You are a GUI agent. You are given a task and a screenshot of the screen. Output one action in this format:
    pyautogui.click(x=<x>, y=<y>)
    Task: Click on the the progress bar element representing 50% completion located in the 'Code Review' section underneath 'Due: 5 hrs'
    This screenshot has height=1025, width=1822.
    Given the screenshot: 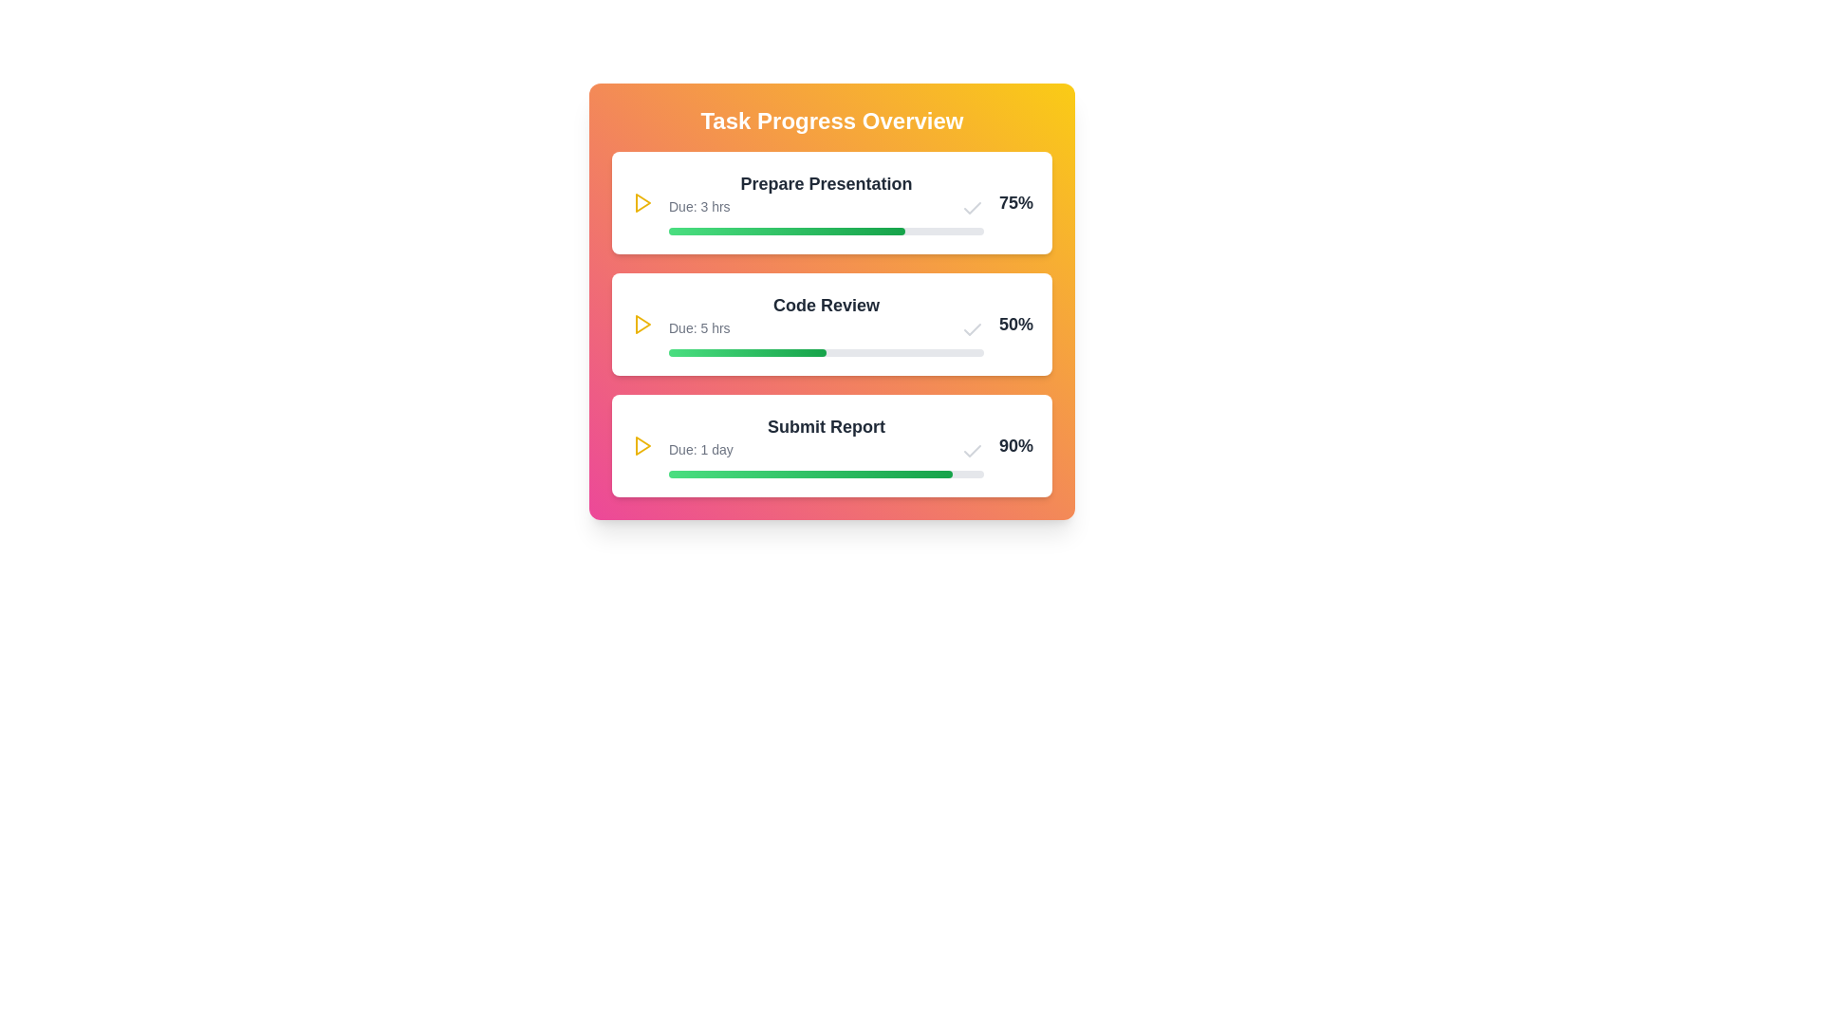 What is the action you would take?
    pyautogui.click(x=826, y=352)
    